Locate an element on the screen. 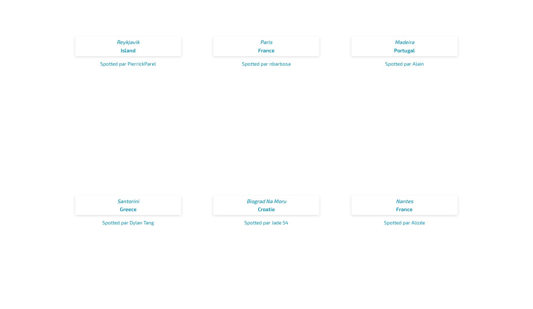  'Spotted par nbarbosa' is located at coordinates (241, 63).